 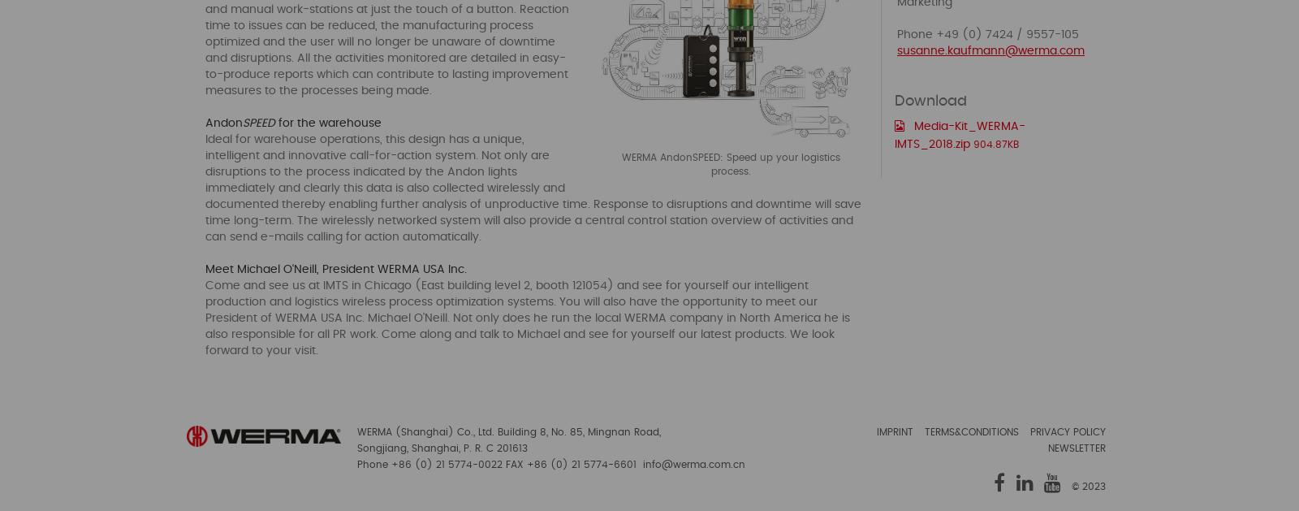 I want to click on '© 2023', so click(x=1086, y=485).